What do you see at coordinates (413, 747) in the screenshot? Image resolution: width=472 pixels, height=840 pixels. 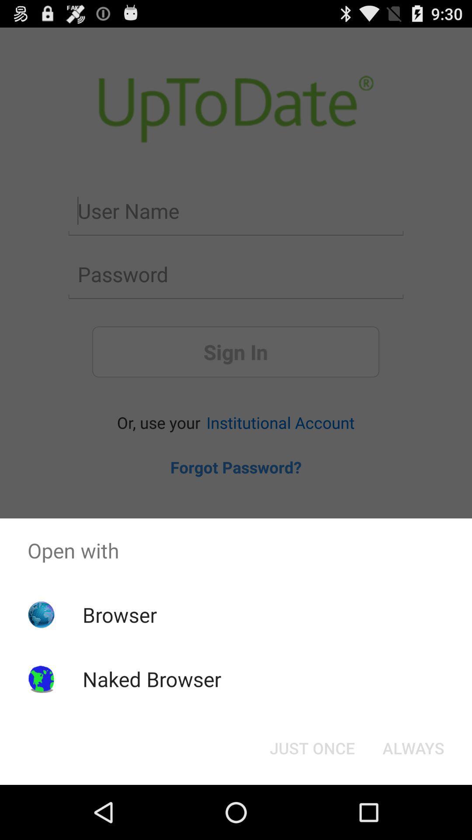 I see `the button at the bottom right corner` at bounding box center [413, 747].